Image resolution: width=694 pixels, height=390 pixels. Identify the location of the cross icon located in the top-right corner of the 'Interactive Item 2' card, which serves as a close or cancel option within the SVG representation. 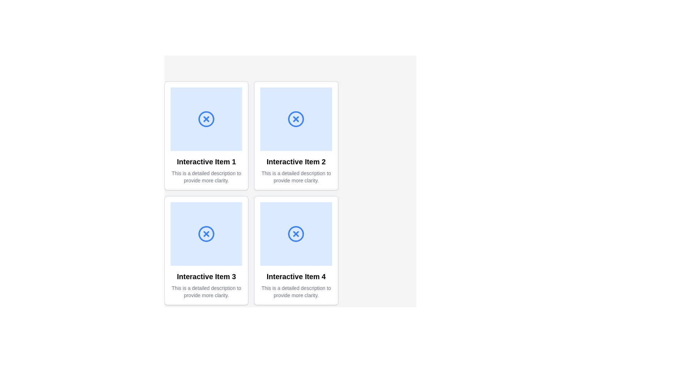
(296, 119).